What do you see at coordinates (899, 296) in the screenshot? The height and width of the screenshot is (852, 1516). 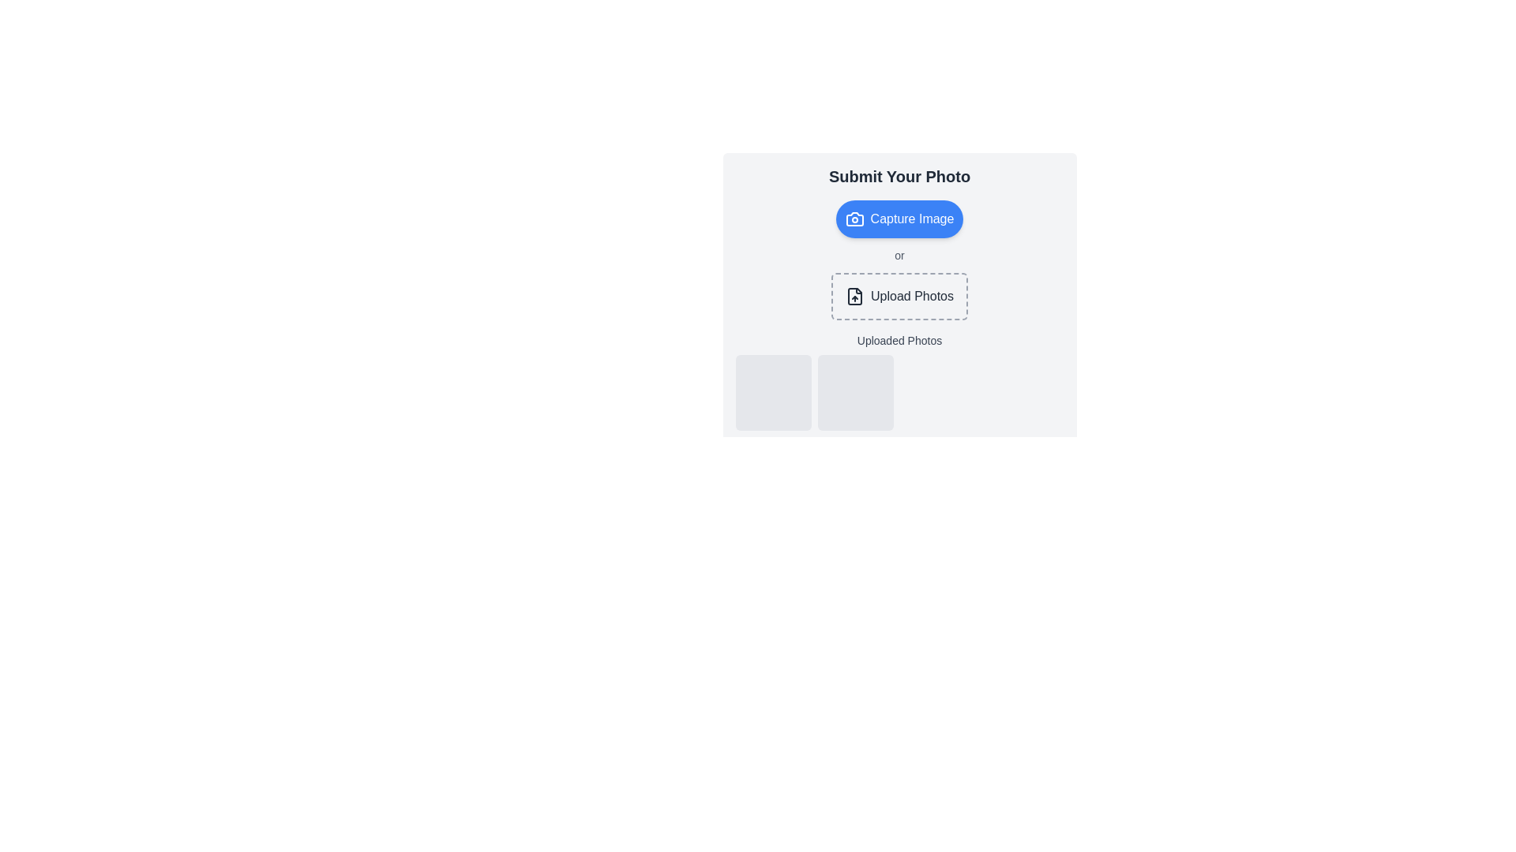 I see `the 'Upload Photos' button, which is a rectangular clickable area with dashed borders and rounded corners, located below the 'Capture Image' button` at bounding box center [899, 296].